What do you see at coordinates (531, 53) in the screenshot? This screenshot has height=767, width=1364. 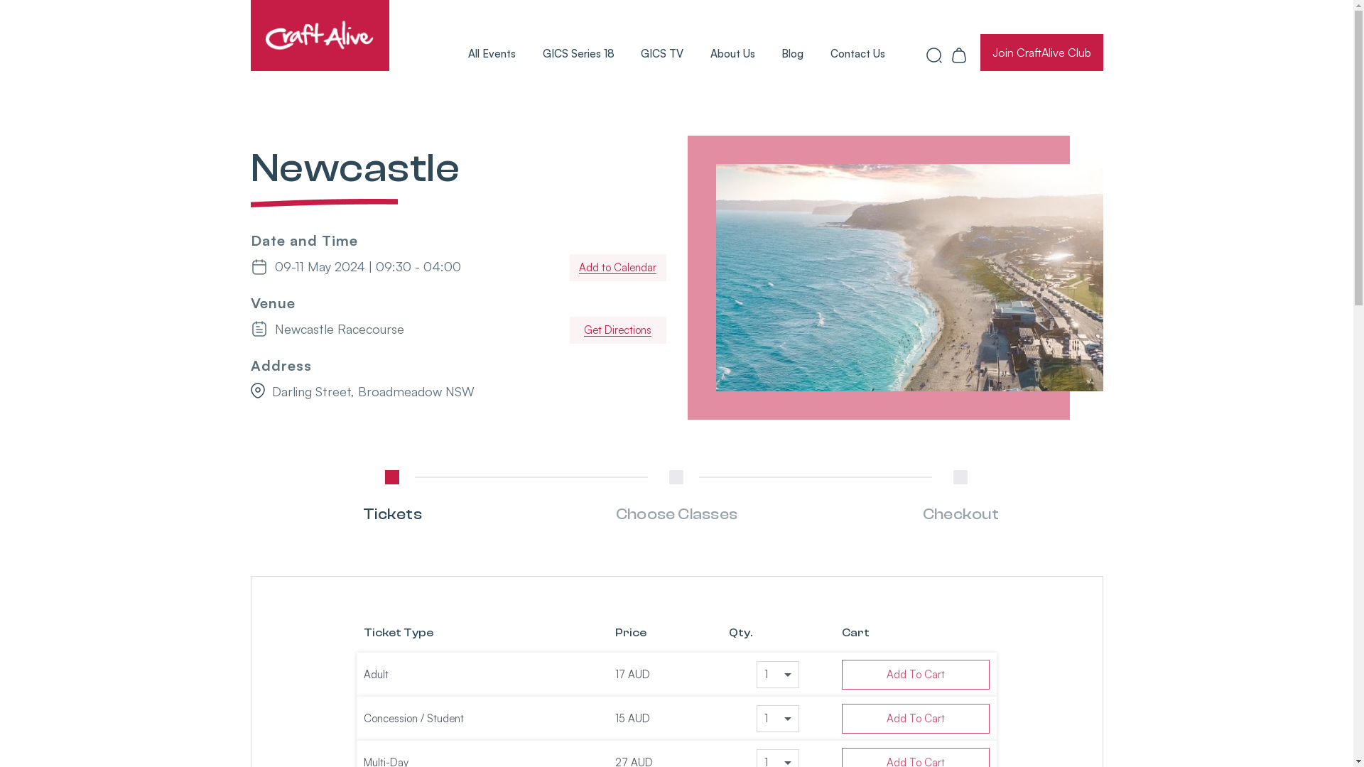 I see `'GICS Series 18'` at bounding box center [531, 53].